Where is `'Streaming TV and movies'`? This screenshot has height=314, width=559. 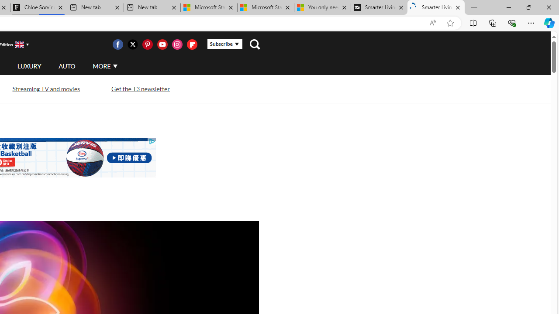
'Streaming TV and movies' is located at coordinates (45, 89).